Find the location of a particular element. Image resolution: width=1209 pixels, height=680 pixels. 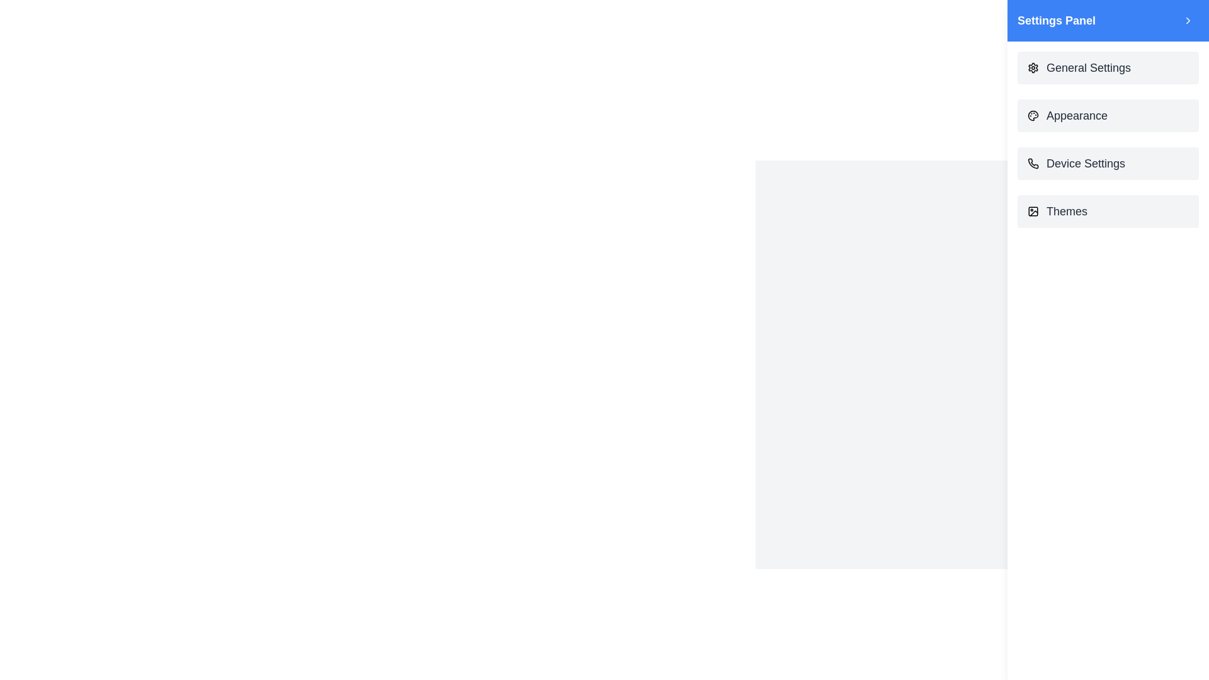

the 'Appearance' text label element in the navigation panel, which is displayed in a medium-sized sans-serif font and dark gray color is located at coordinates (1076, 116).